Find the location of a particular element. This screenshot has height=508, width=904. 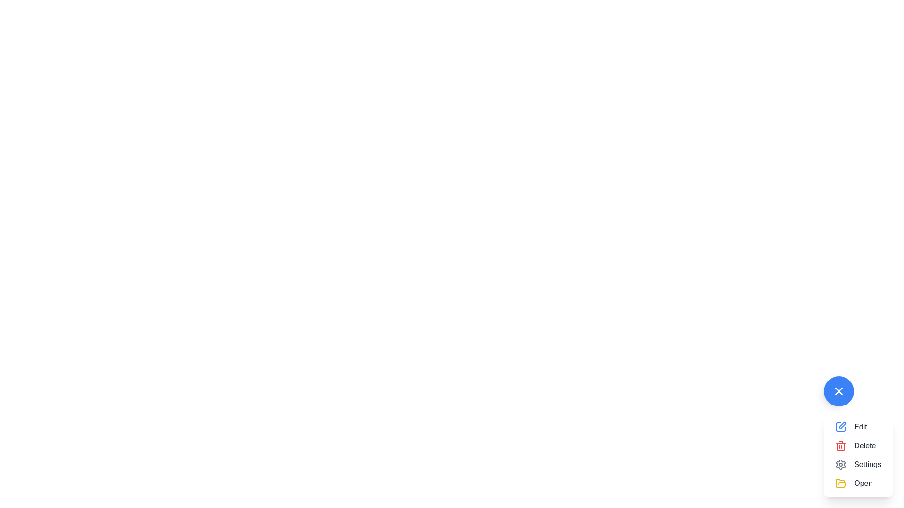

the 'Settings' button, which features a gear icon and is the third item in a vertical list of action buttons, to view context-specific options is located at coordinates (858, 464).